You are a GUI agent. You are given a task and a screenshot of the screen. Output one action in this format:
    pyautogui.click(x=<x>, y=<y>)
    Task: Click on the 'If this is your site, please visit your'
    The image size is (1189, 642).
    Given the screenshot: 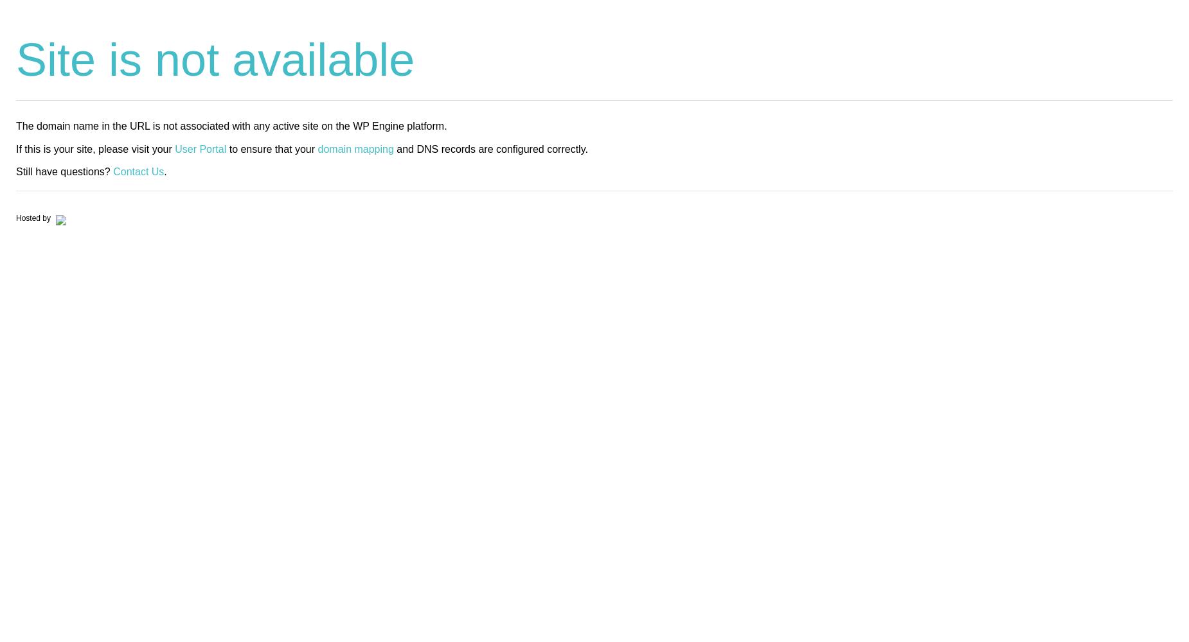 What is the action you would take?
    pyautogui.click(x=94, y=148)
    